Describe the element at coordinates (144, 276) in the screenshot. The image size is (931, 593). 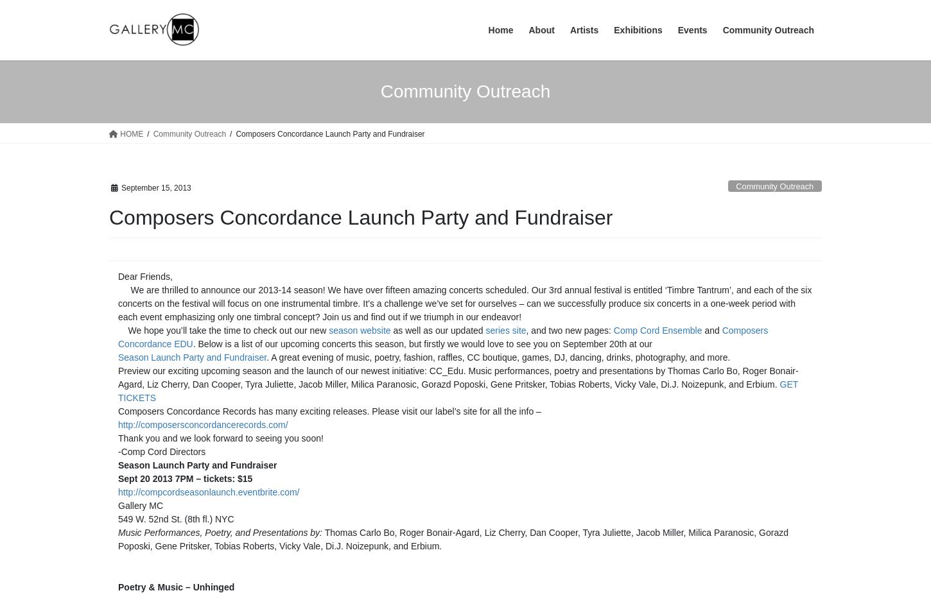
I see `'Dear Friends,'` at that location.